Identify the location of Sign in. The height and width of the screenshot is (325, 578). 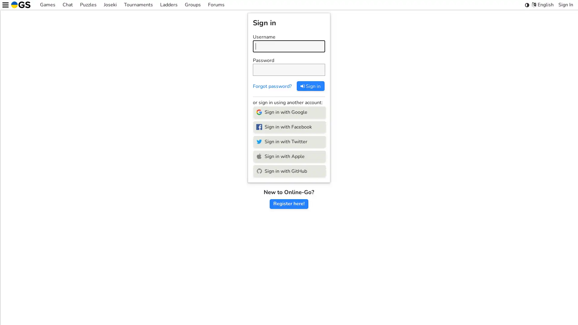
(310, 86).